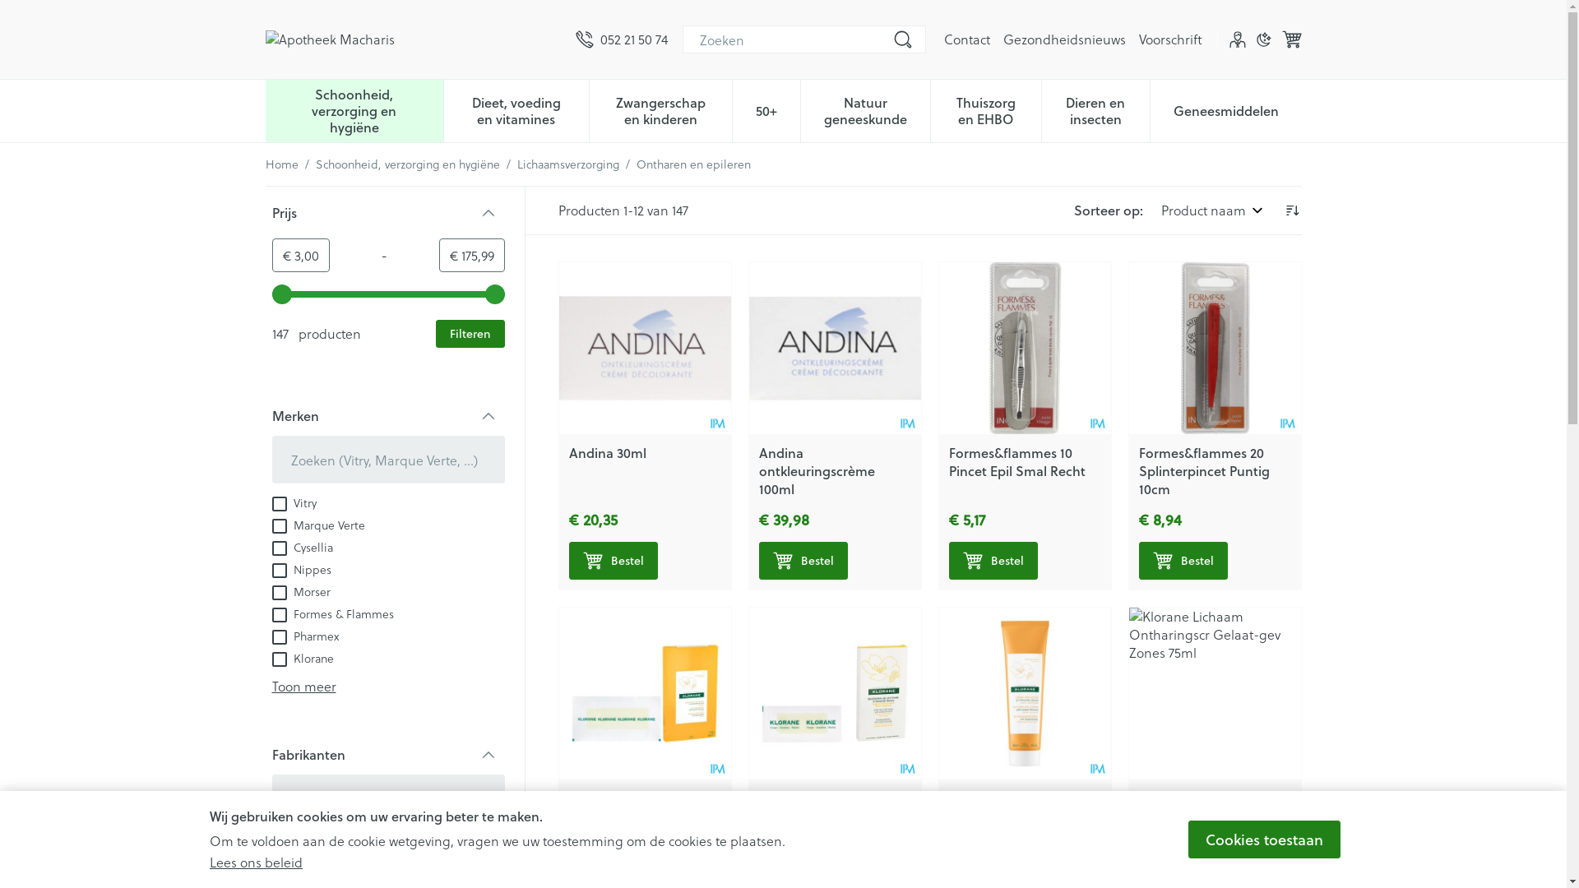  Describe the element at coordinates (1041, 109) in the screenshot. I see `'Dieren en insecten'` at that location.